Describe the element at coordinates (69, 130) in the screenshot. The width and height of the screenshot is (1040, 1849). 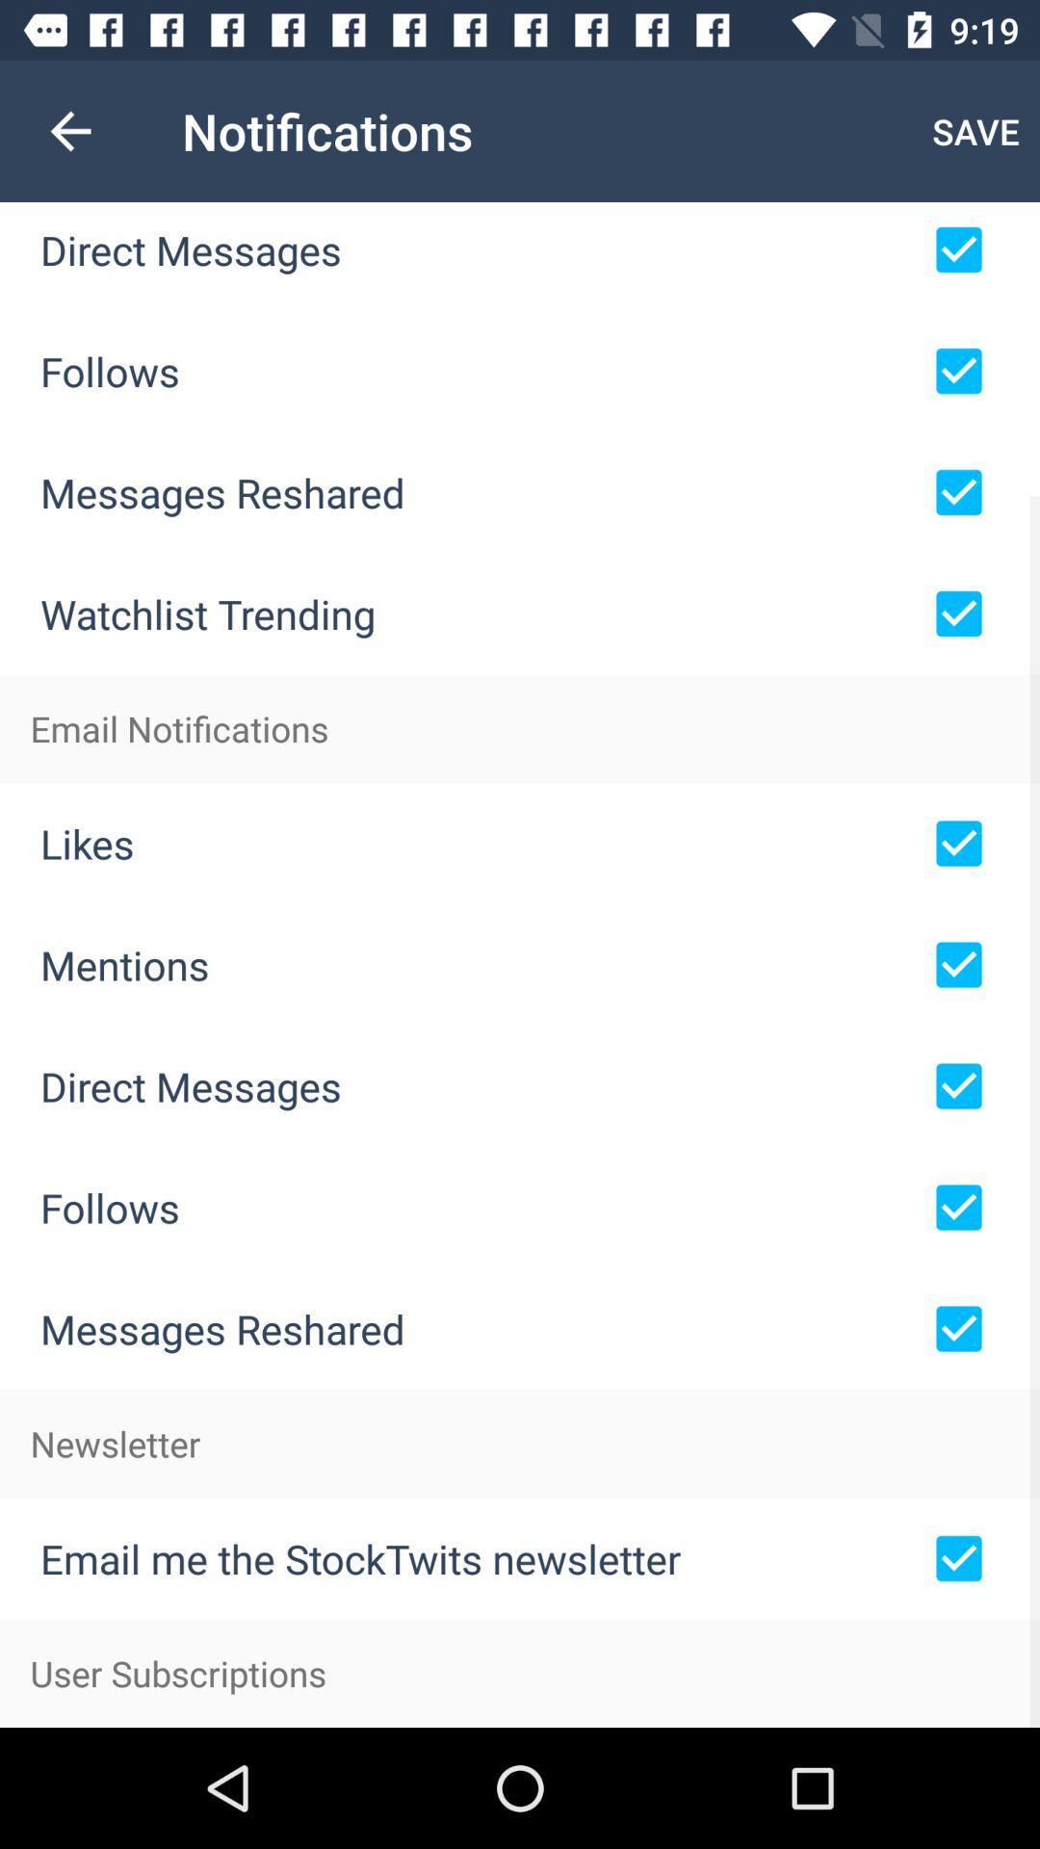
I see `the icon next to the notifications` at that location.